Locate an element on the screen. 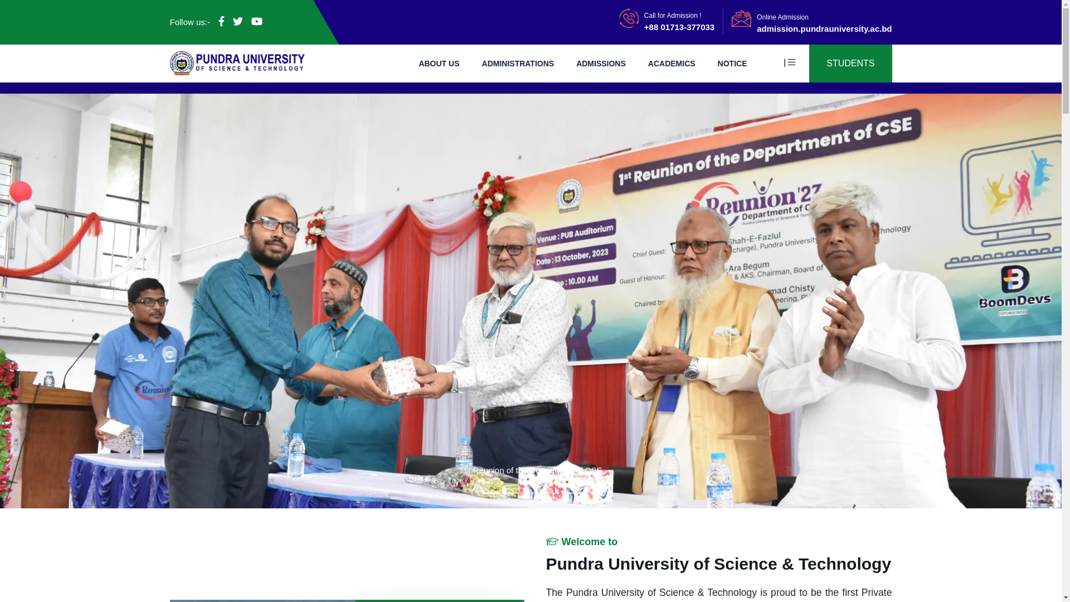  'admission.pundrauniversity.ac.bd' is located at coordinates (824, 27).